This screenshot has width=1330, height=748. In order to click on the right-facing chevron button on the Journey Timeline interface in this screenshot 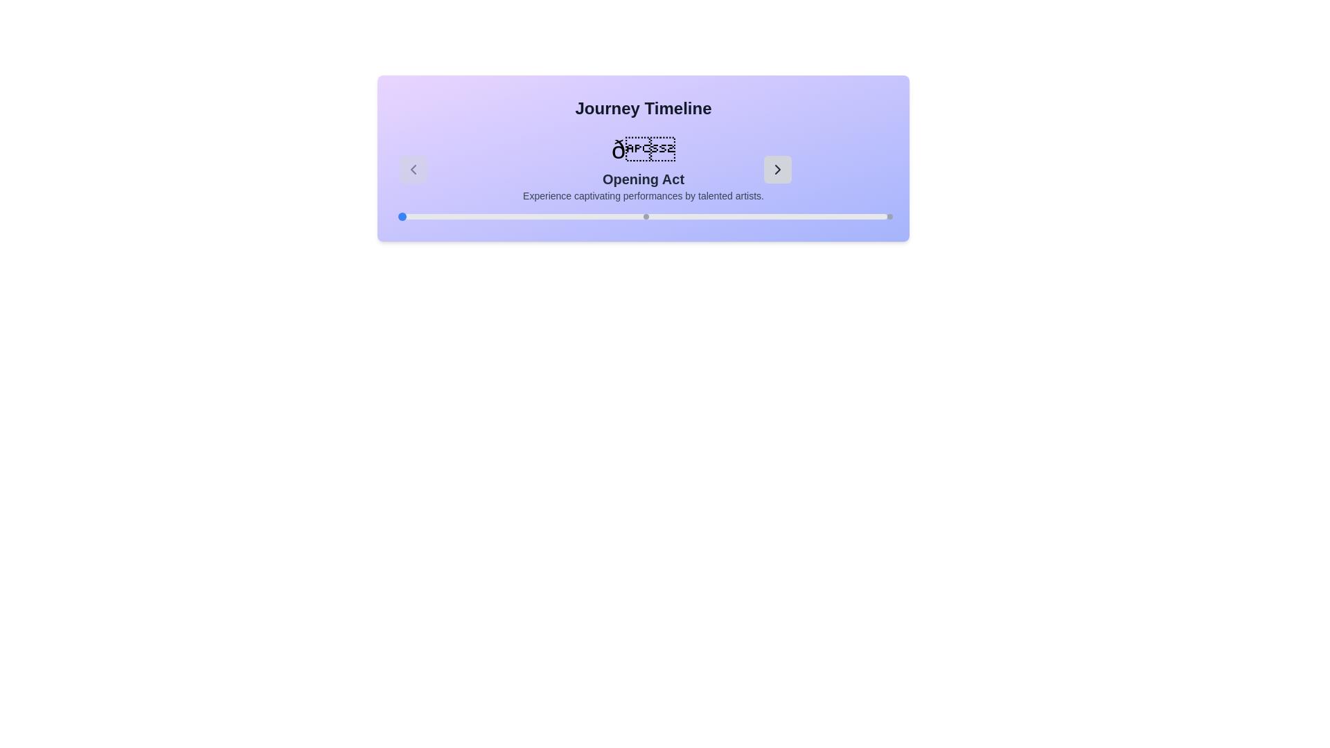, I will do `click(778, 169)`.